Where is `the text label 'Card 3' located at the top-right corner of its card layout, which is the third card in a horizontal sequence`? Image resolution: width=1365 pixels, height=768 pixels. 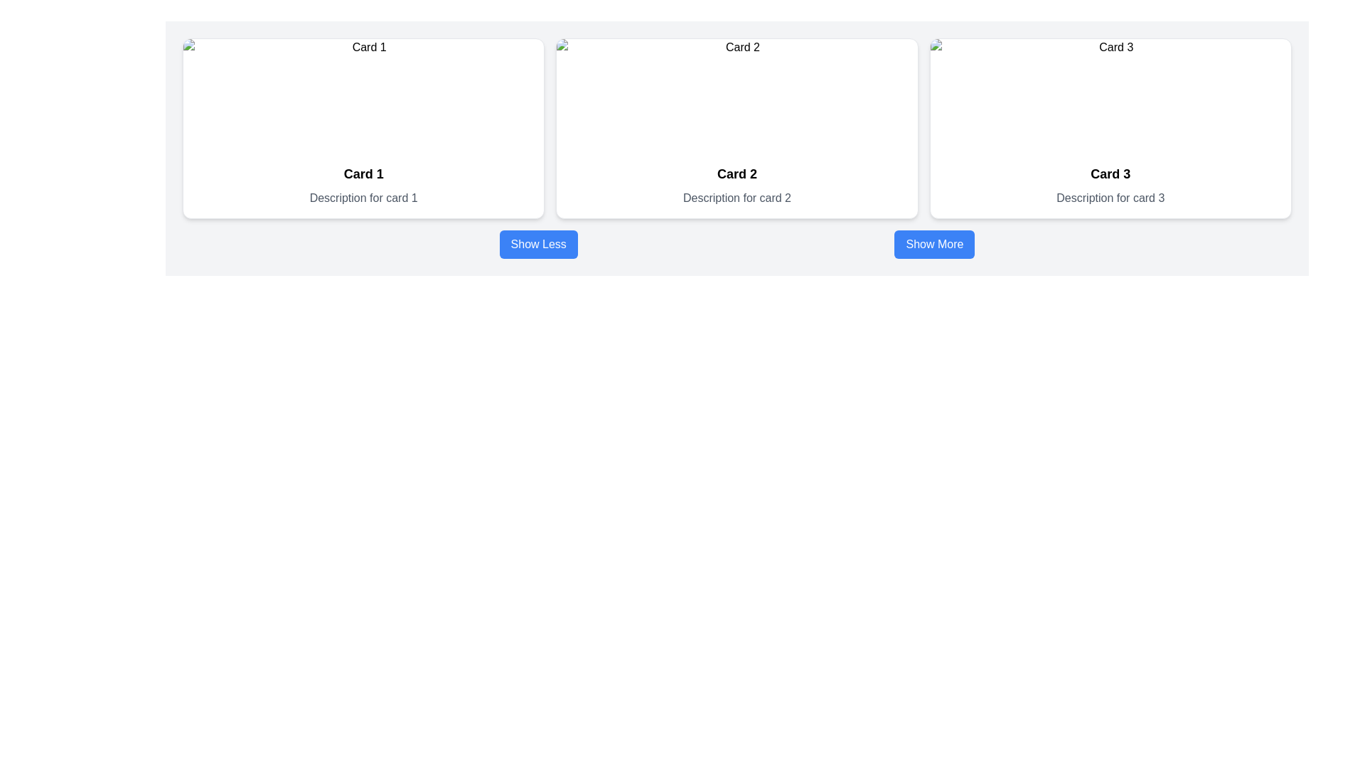 the text label 'Card 3' located at the top-right corner of its card layout, which is the third card in a horizontal sequence is located at coordinates (1110, 174).